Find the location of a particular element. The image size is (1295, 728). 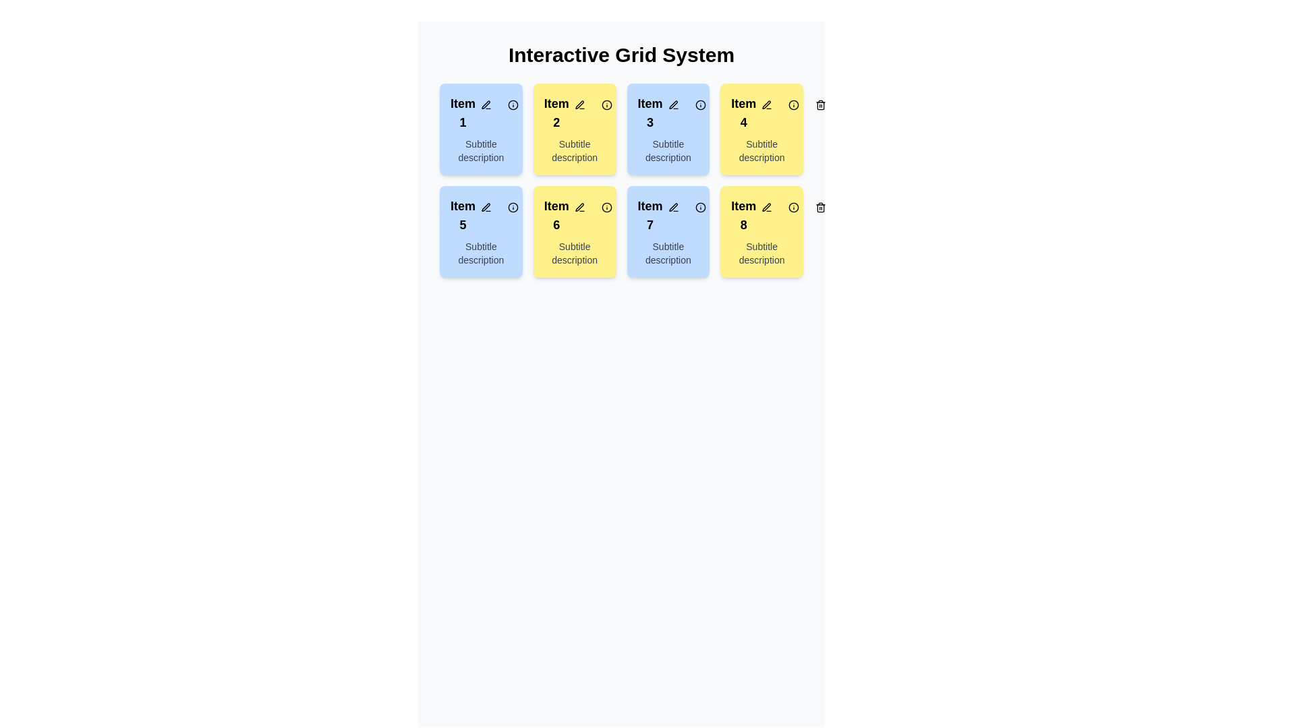

the delete button located in the top-right corner of the card labeled 'Item 4' to observe the hover effect is located at coordinates (820, 104).